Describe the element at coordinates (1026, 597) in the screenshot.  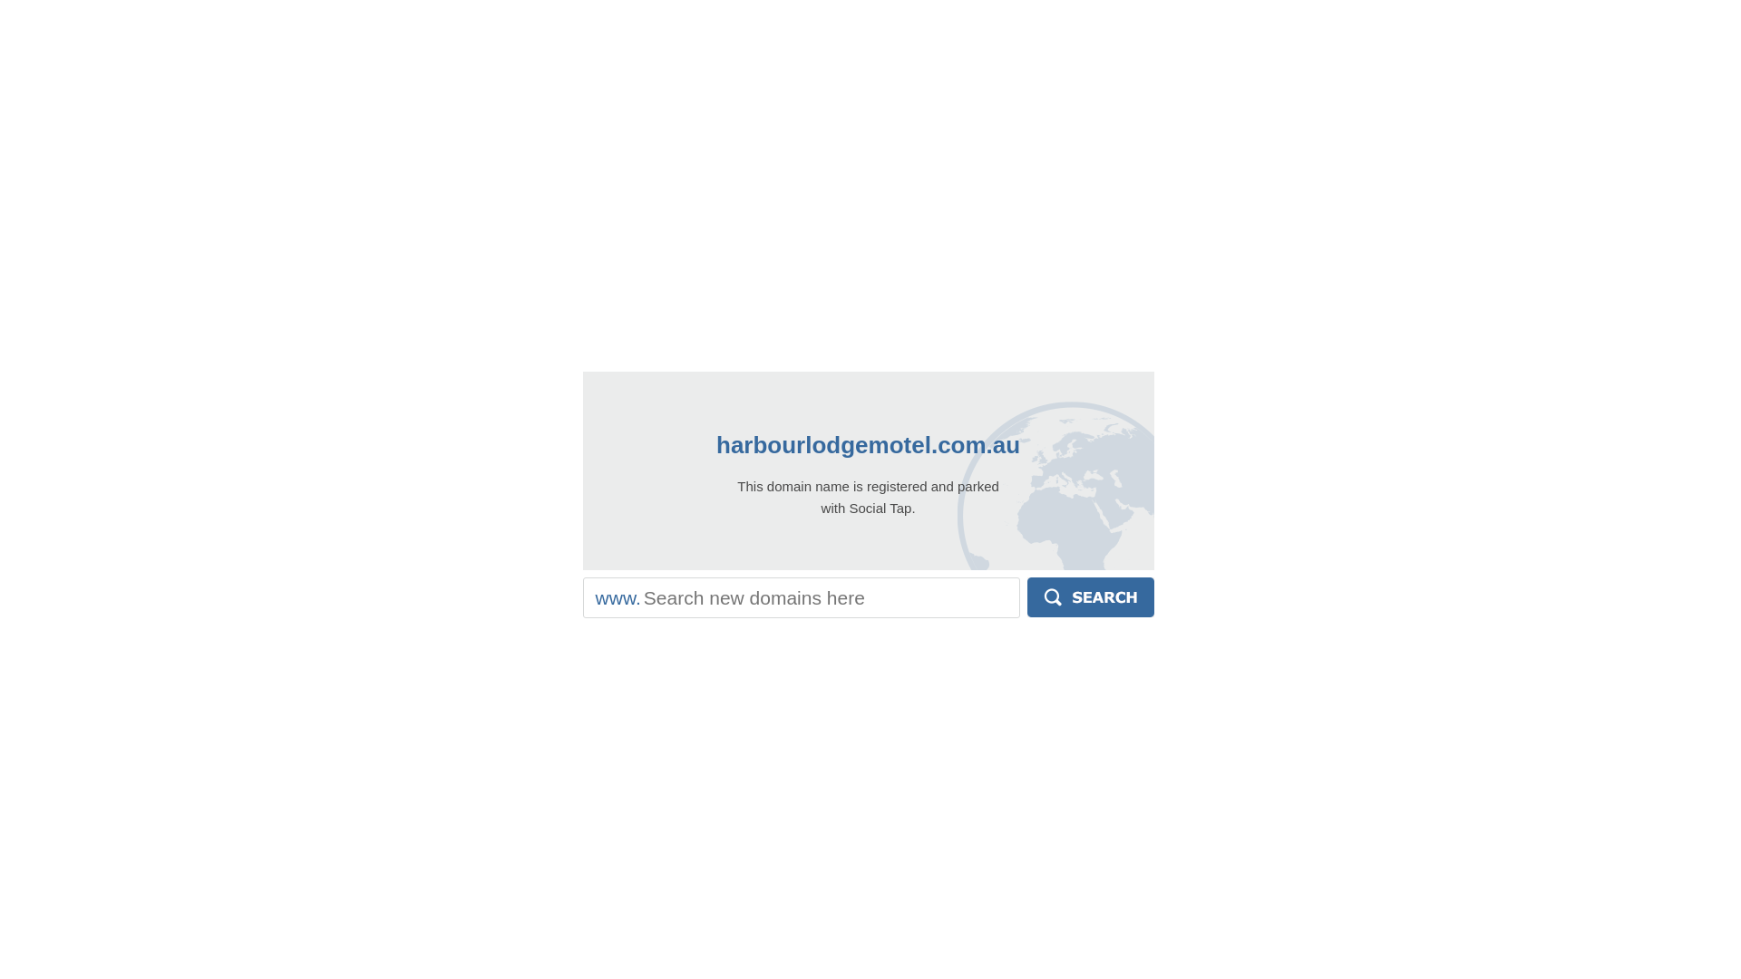
I see `'Search'` at that location.